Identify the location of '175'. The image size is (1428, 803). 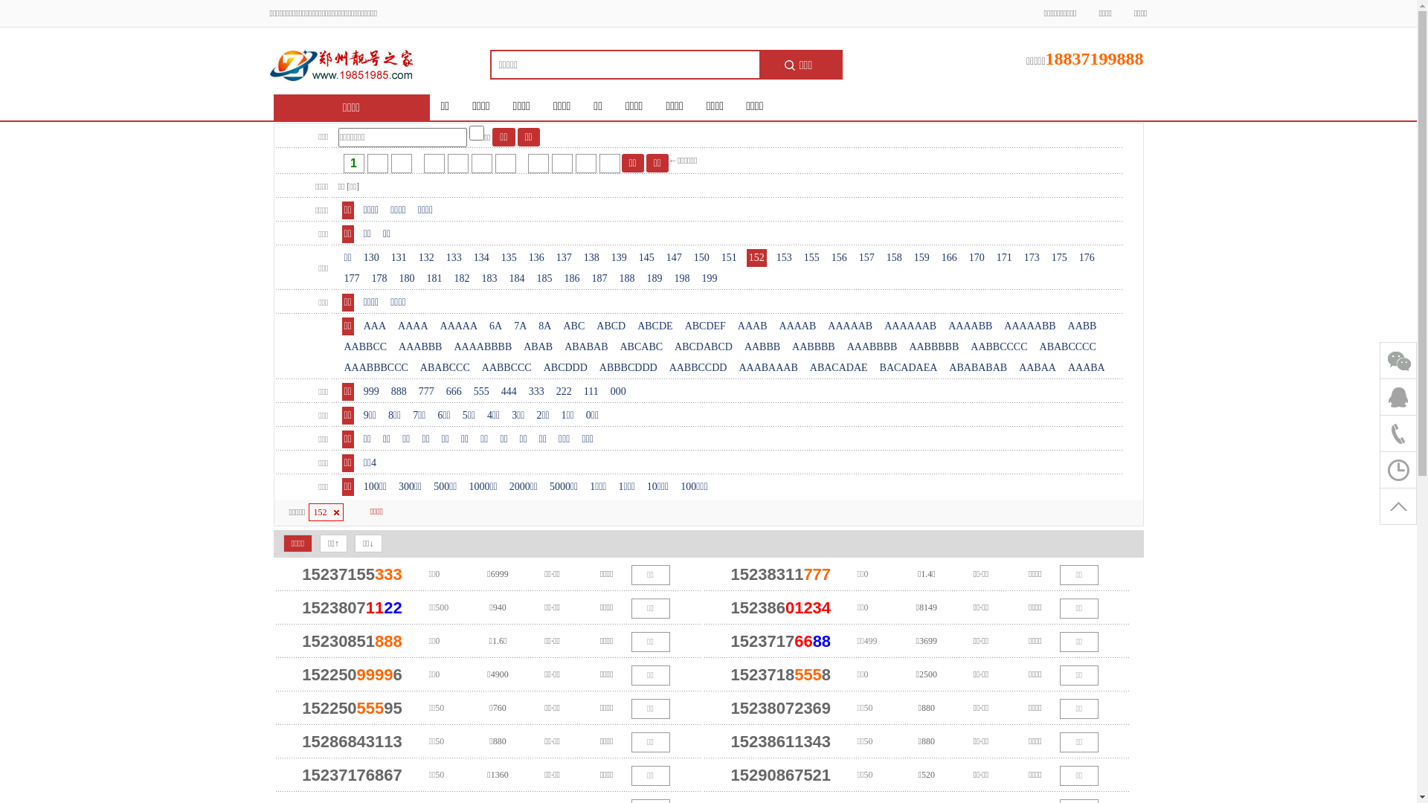
(1049, 257).